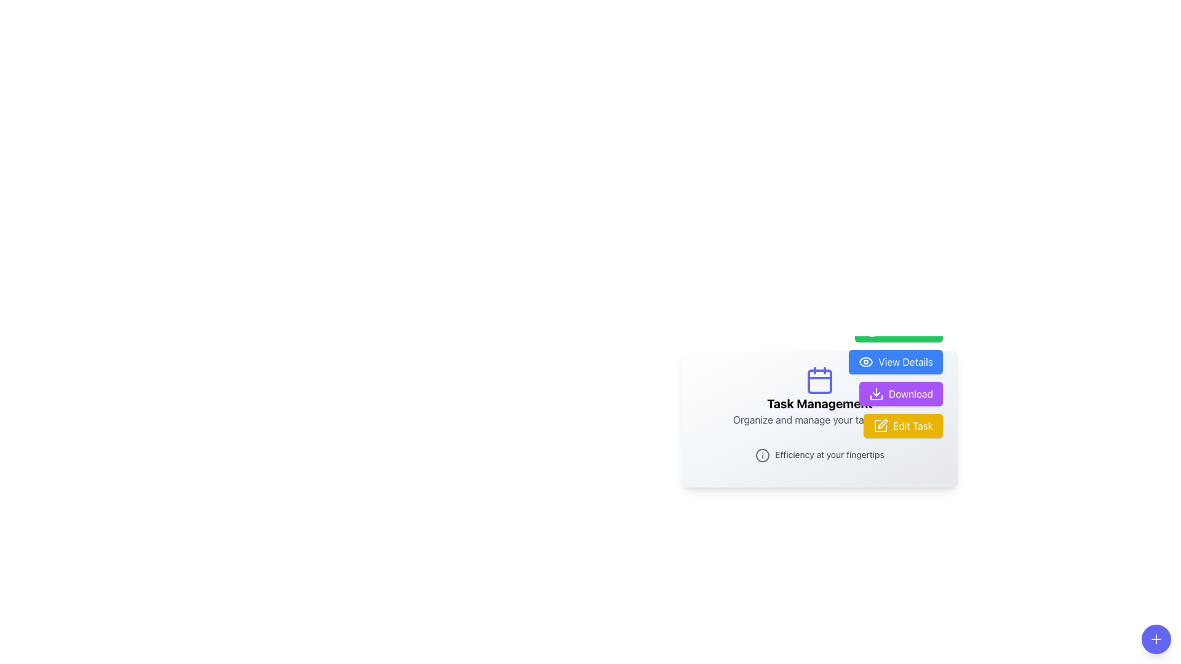 This screenshot has width=1181, height=664. I want to click on the text label displaying 'Task Management', which is styled with a bold font and is centrally positioned beneath a calendar icon, so click(820, 403).